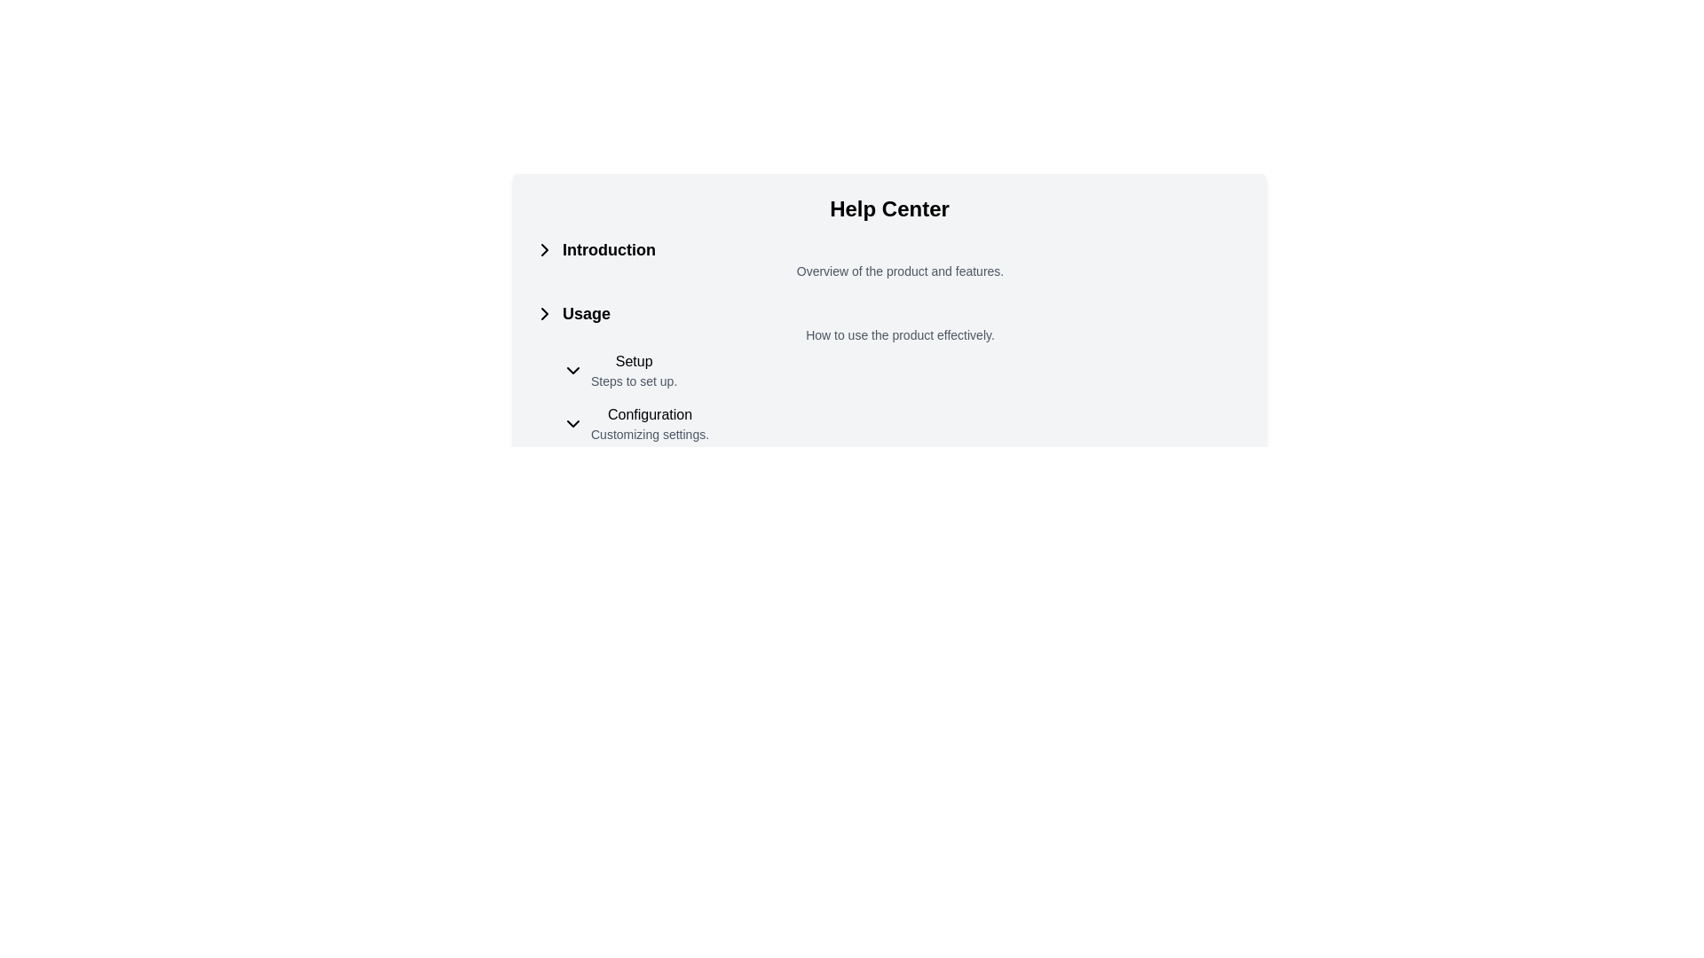  Describe the element at coordinates (544, 249) in the screenshot. I see `the interactive navigational icon within the left navigation panel, adjacent to the 'Introduction' text` at that location.